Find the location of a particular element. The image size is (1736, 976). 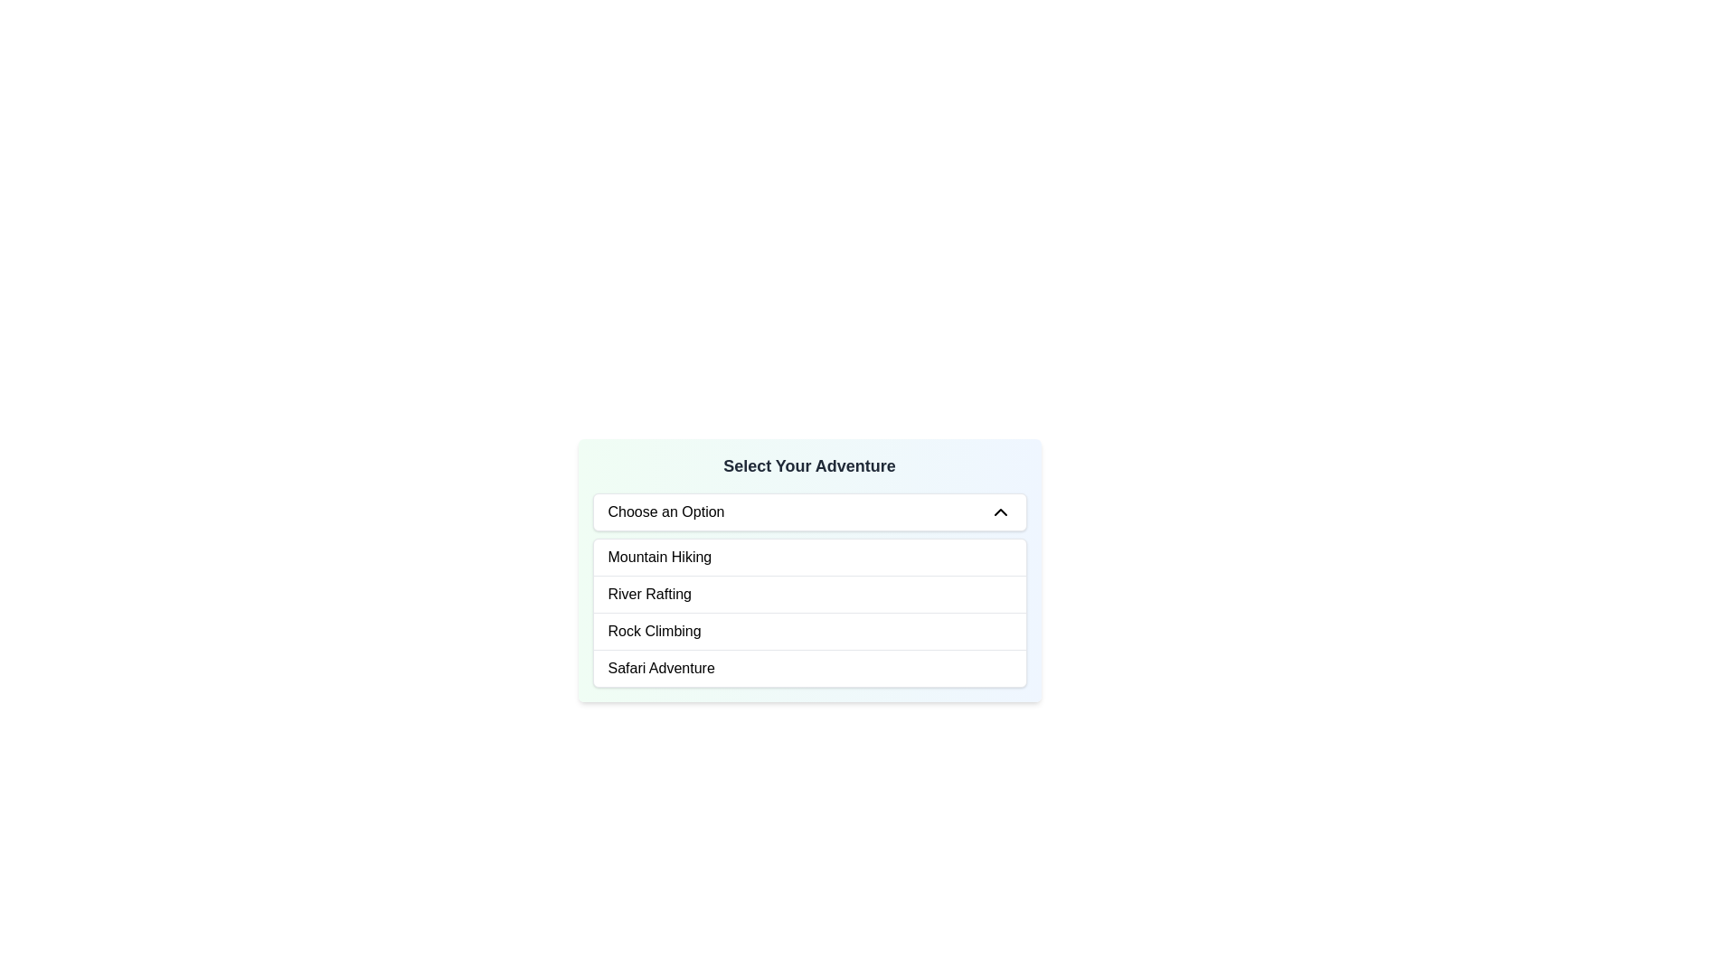

the 'Mountain Hiking' option in the 'Select Your Adventure' dropdown list is located at coordinates (808, 557).